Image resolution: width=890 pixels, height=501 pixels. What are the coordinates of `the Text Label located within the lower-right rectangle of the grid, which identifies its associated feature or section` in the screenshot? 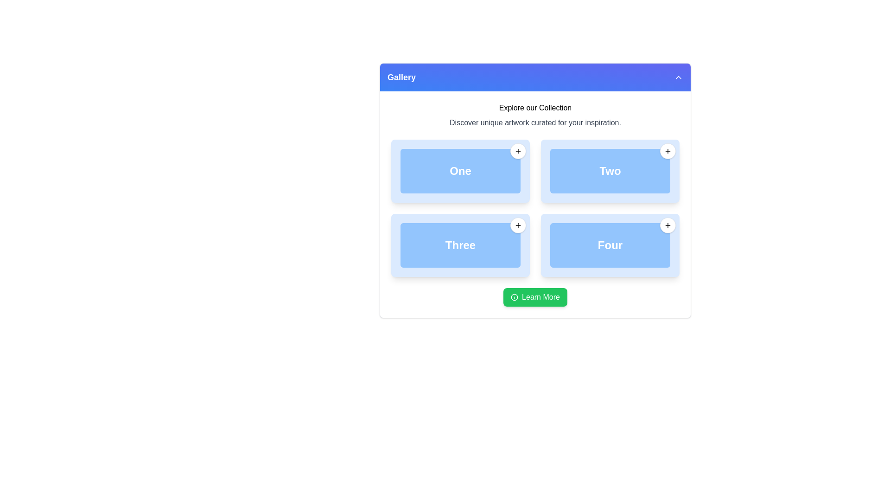 It's located at (610, 244).